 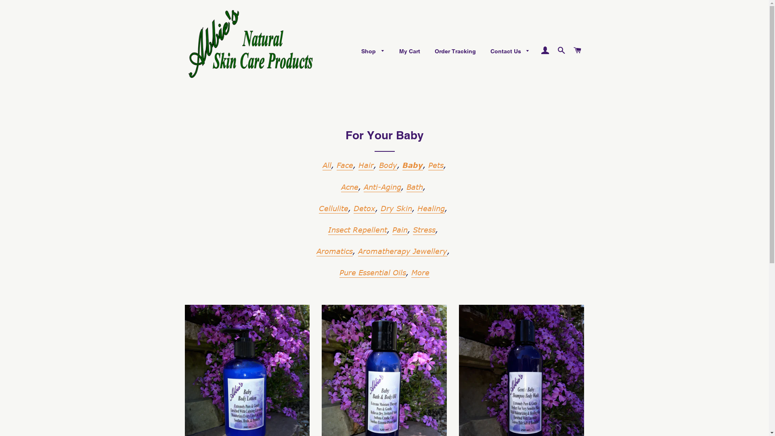 I want to click on 'Shop', so click(x=372, y=51).